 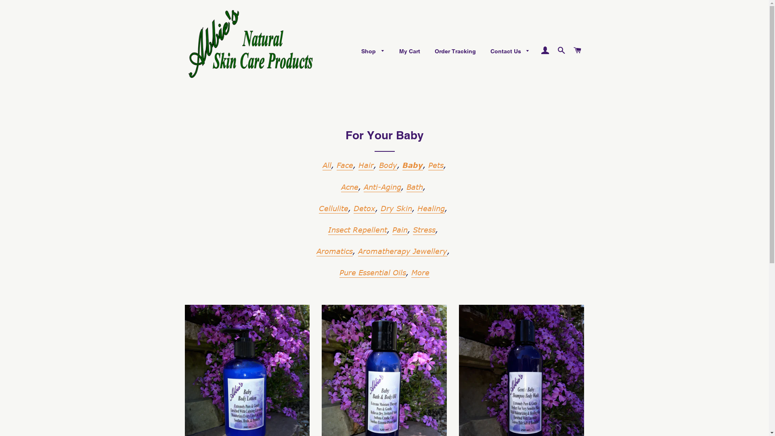 I want to click on 'Shop', so click(x=372, y=51).